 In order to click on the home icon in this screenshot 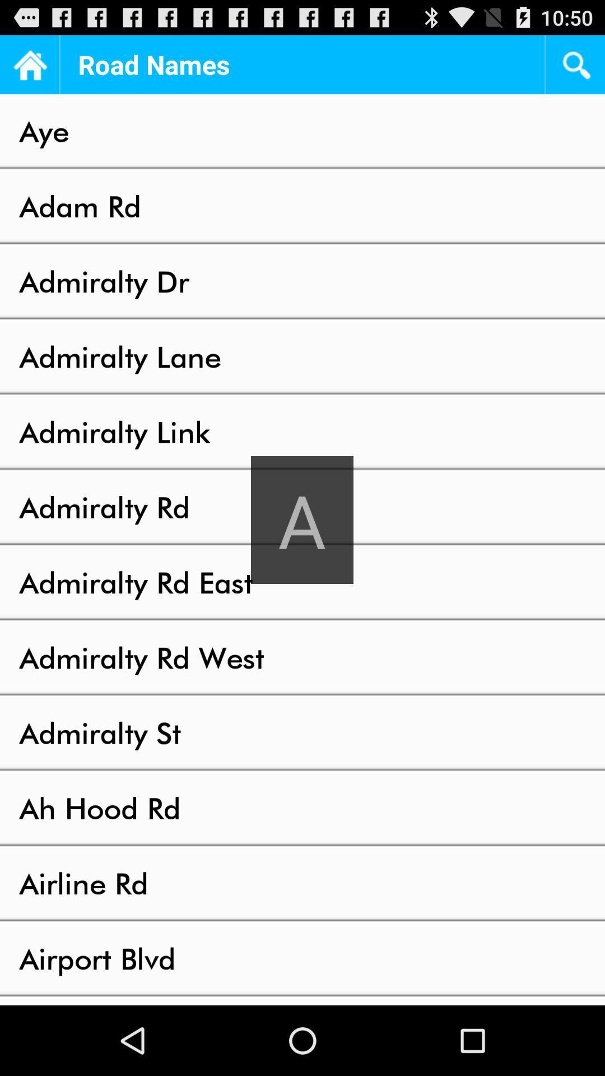, I will do `click(29, 68)`.